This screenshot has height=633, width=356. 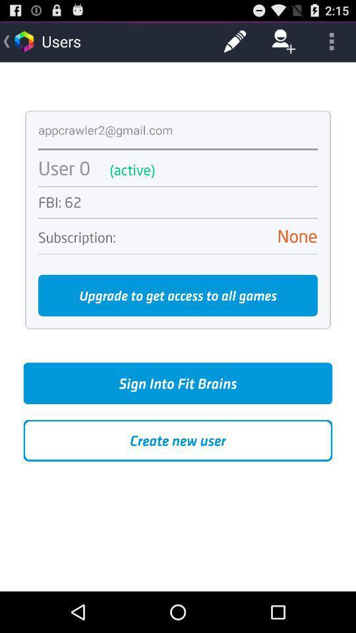 I want to click on the icon below the upgrade to get icon, so click(x=178, y=383).